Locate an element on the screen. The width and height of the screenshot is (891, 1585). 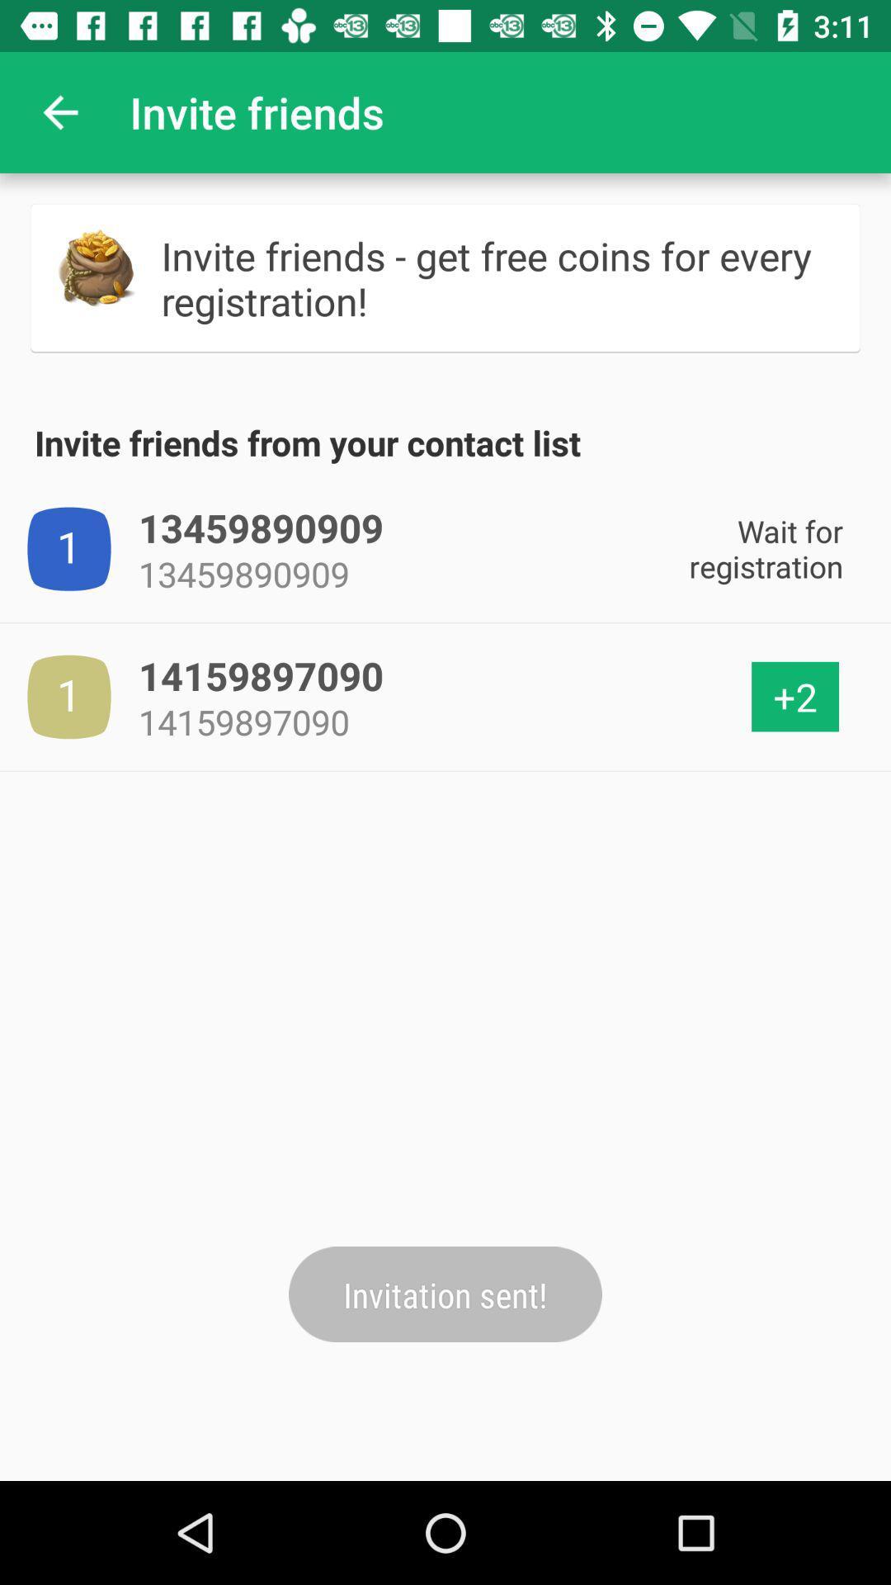
the +2 is located at coordinates (794, 697).